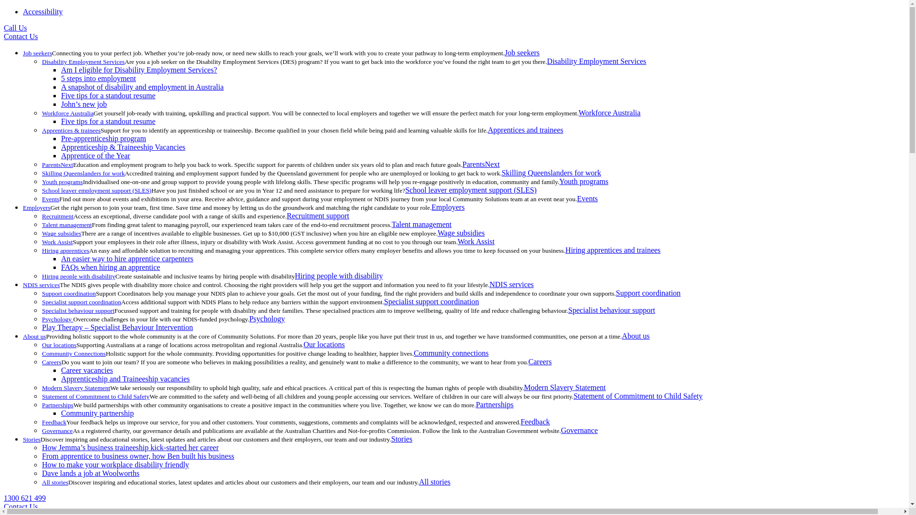  I want to click on 'Wage subsidies', so click(461, 233).